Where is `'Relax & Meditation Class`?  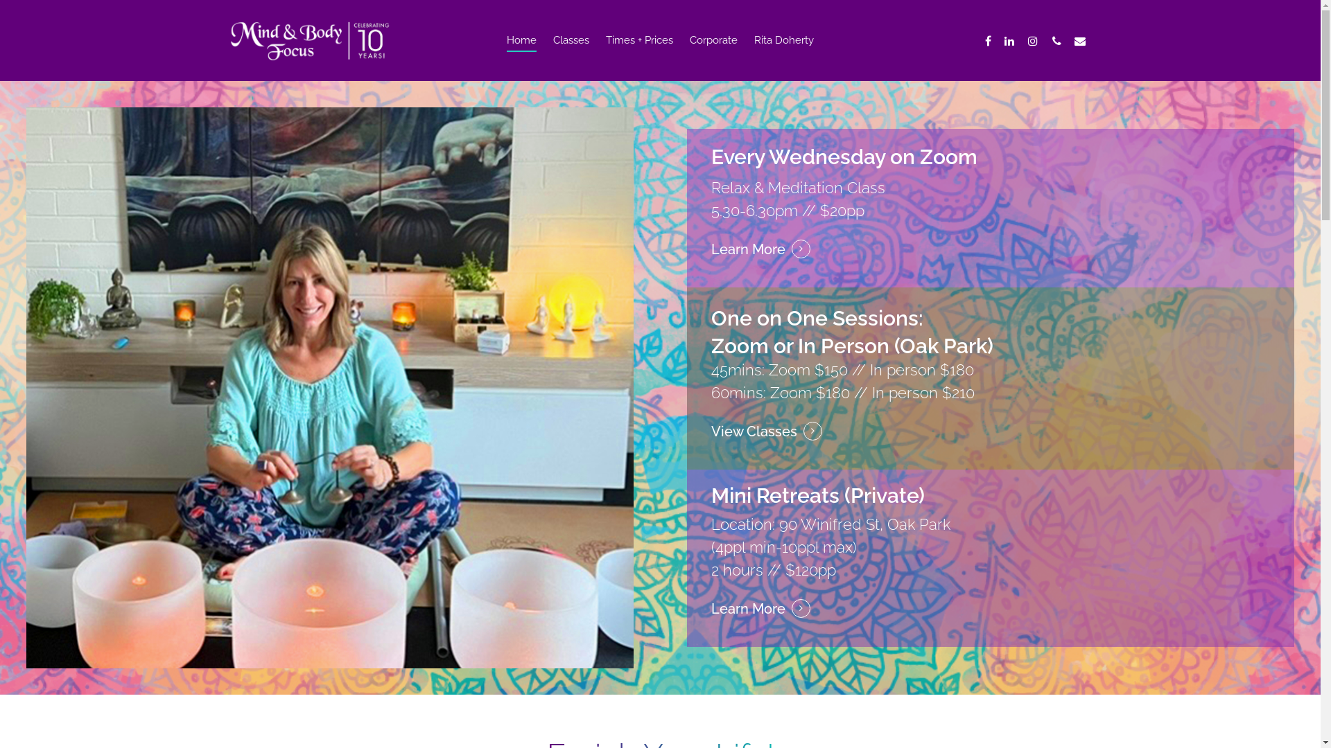
'Relax & Meditation Class is located at coordinates (711, 199).